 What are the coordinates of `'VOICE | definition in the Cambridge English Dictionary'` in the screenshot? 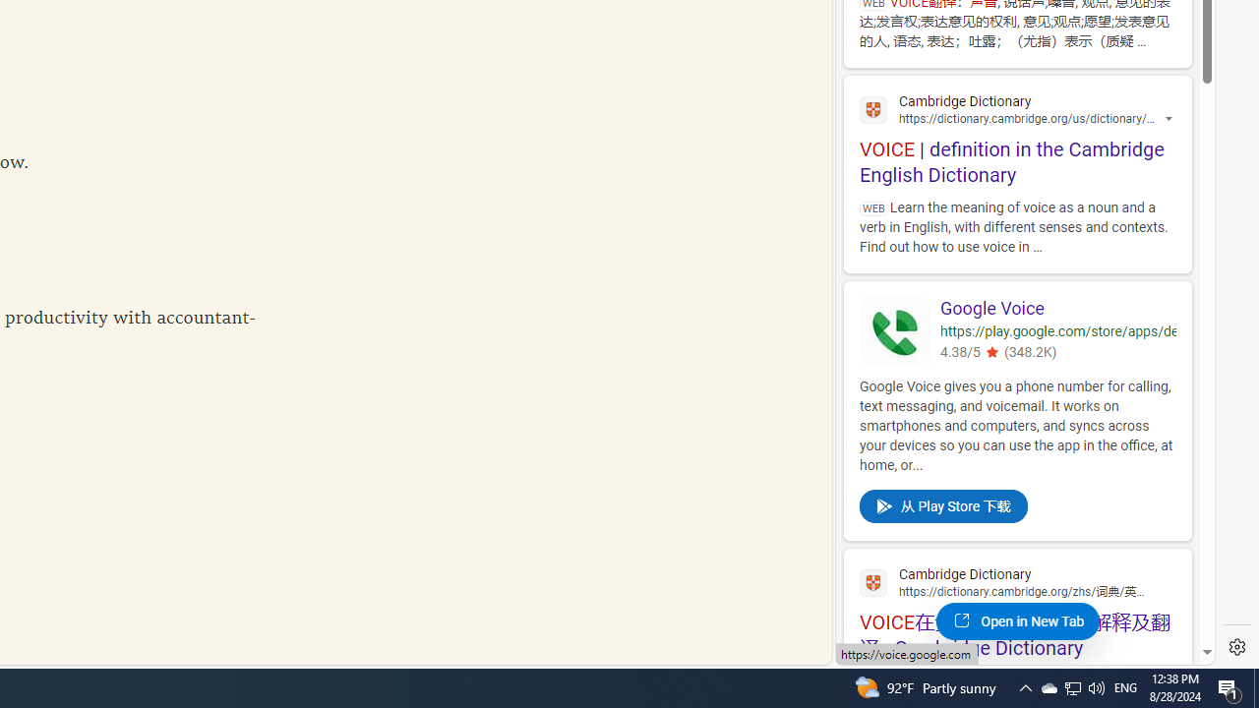 It's located at (1017, 136).